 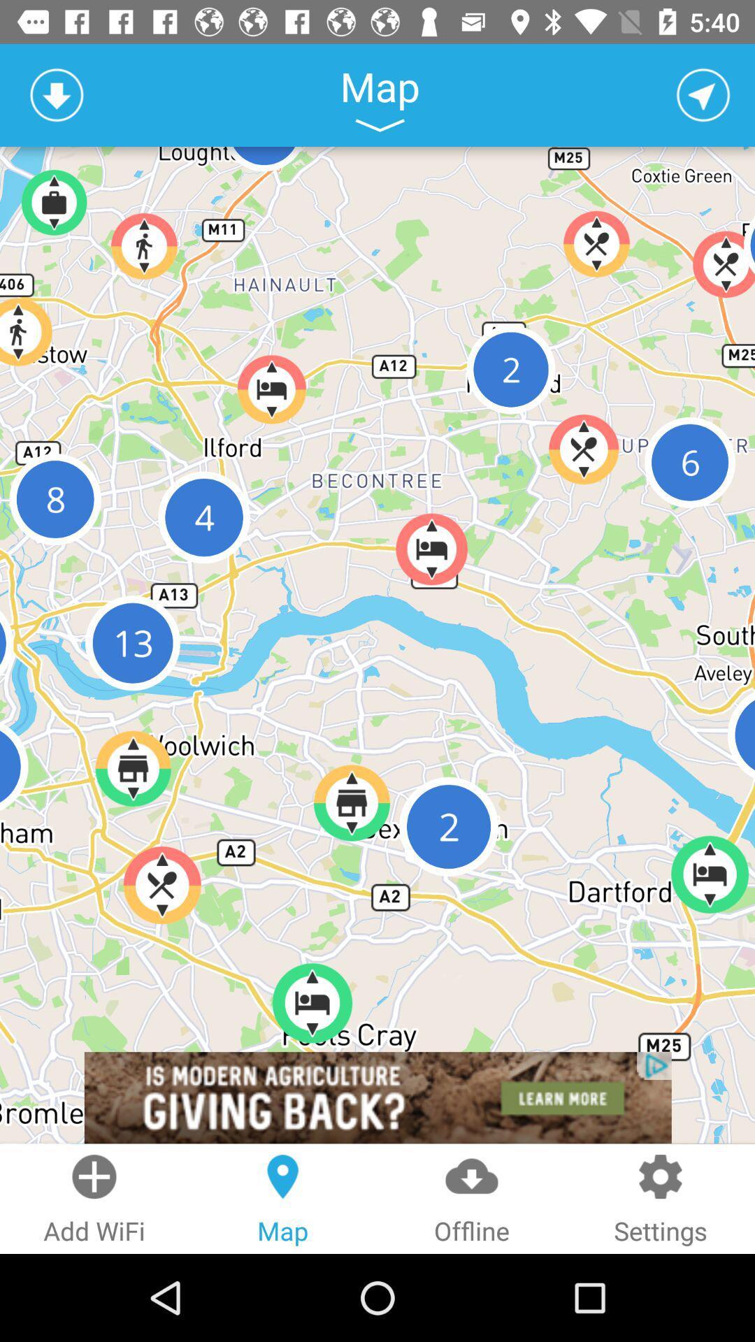 What do you see at coordinates (380, 125) in the screenshot?
I see `maps drop down icon` at bounding box center [380, 125].